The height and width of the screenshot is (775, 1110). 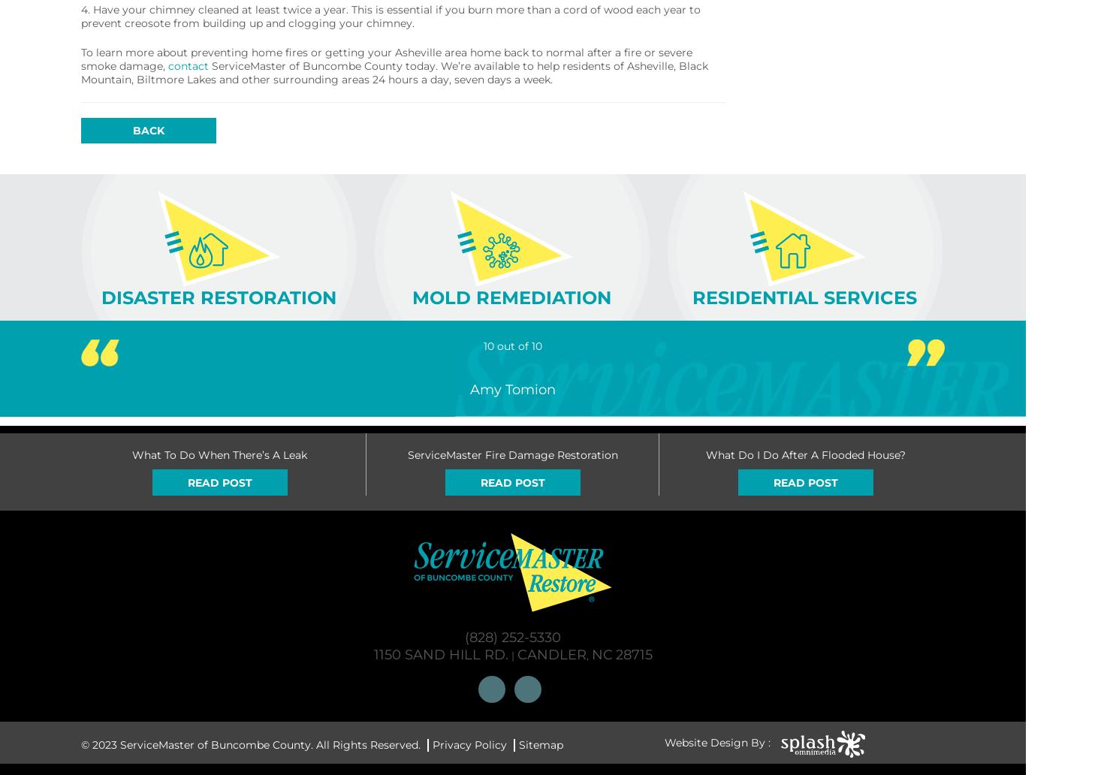 I want to click on '4. Have your chimney cleaned at least twice a year. This is essential if you burn more than a cord of wood each year to prevent creosote from building up and clogging your chimney.', so click(x=391, y=16).